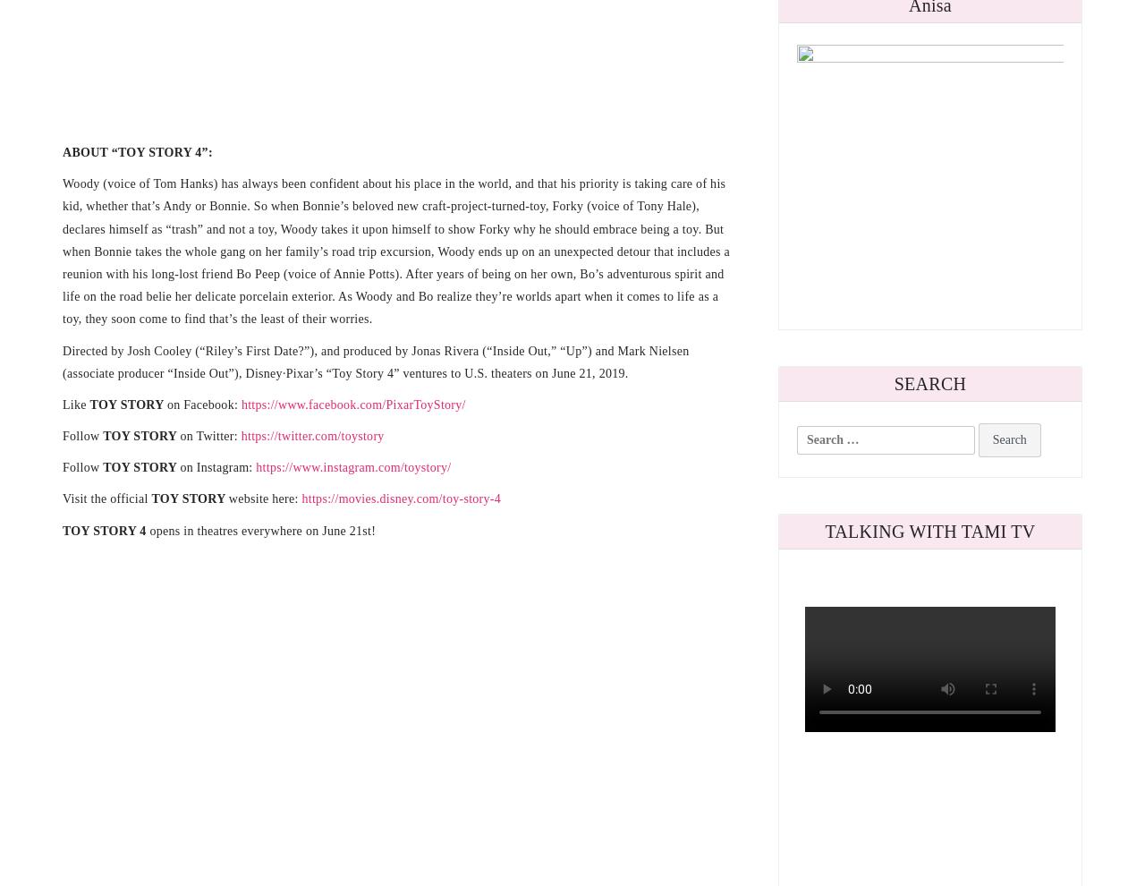 This screenshot has width=1145, height=886. Describe the element at coordinates (106, 498) in the screenshot. I see `'Visit the official'` at that location.